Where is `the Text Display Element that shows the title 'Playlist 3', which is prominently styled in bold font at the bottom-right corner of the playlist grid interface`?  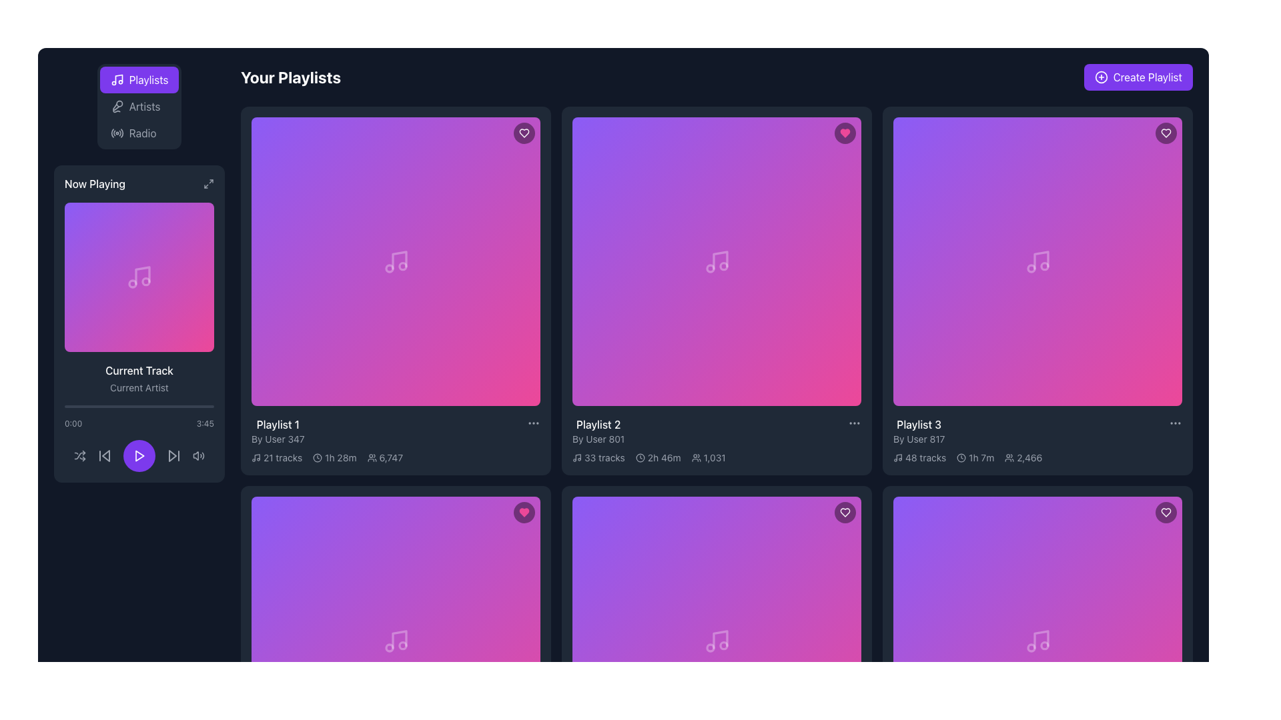 the Text Display Element that shows the title 'Playlist 3', which is prominently styled in bold font at the bottom-right corner of the playlist grid interface is located at coordinates (918, 424).